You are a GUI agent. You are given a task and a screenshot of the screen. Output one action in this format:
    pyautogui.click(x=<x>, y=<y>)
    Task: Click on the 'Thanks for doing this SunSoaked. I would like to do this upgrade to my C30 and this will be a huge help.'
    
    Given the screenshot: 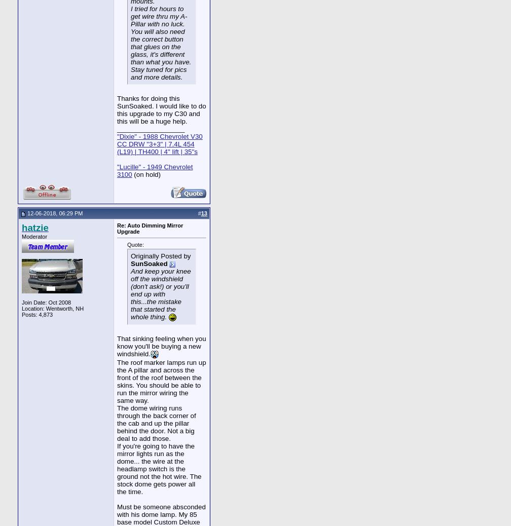 What is the action you would take?
    pyautogui.click(x=117, y=109)
    